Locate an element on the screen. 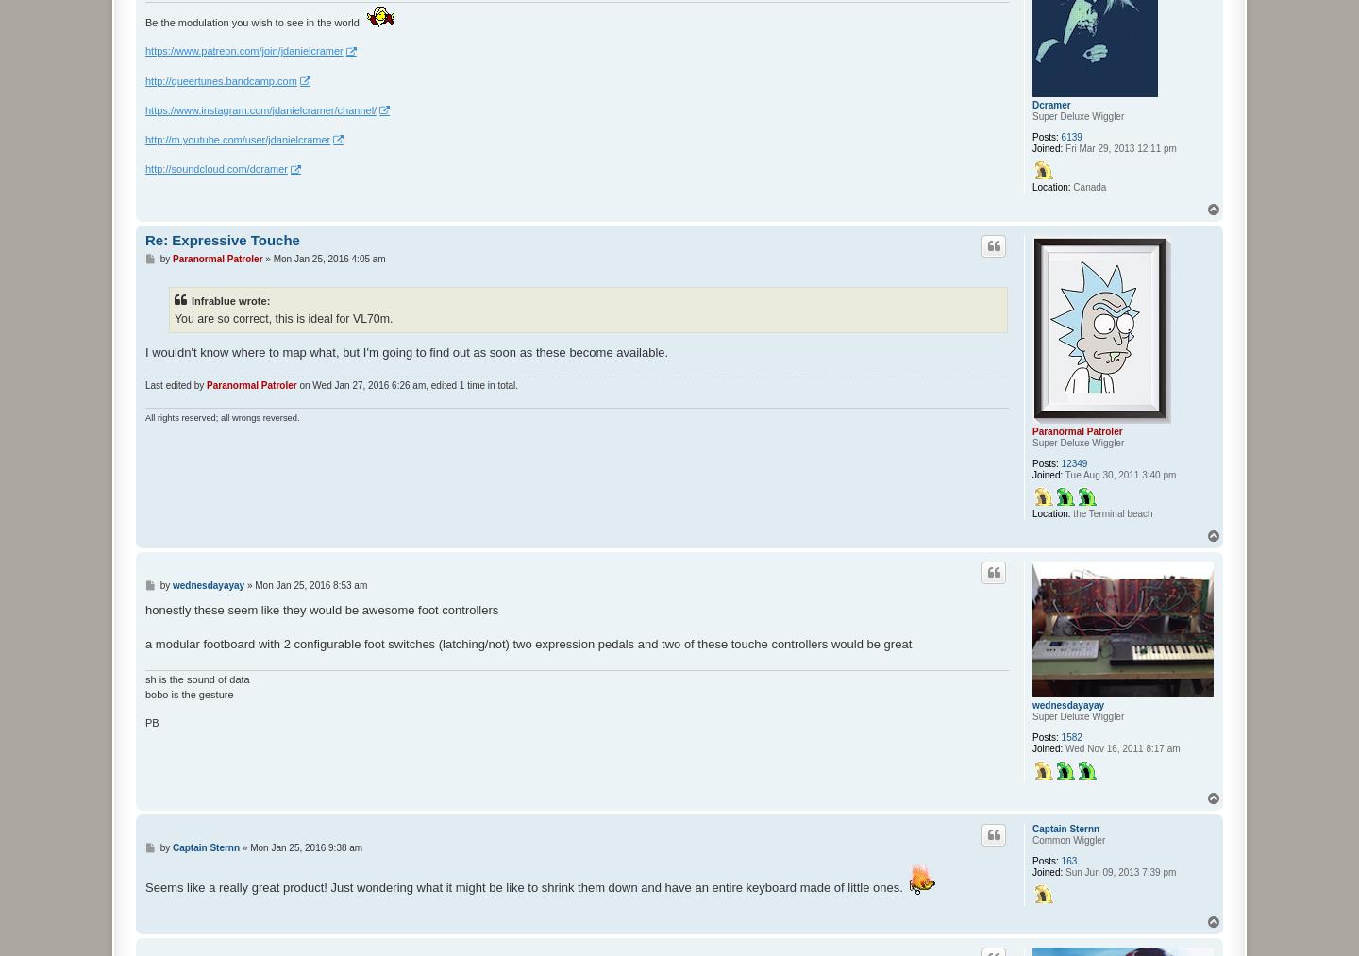  '12349' is located at coordinates (1073, 461).